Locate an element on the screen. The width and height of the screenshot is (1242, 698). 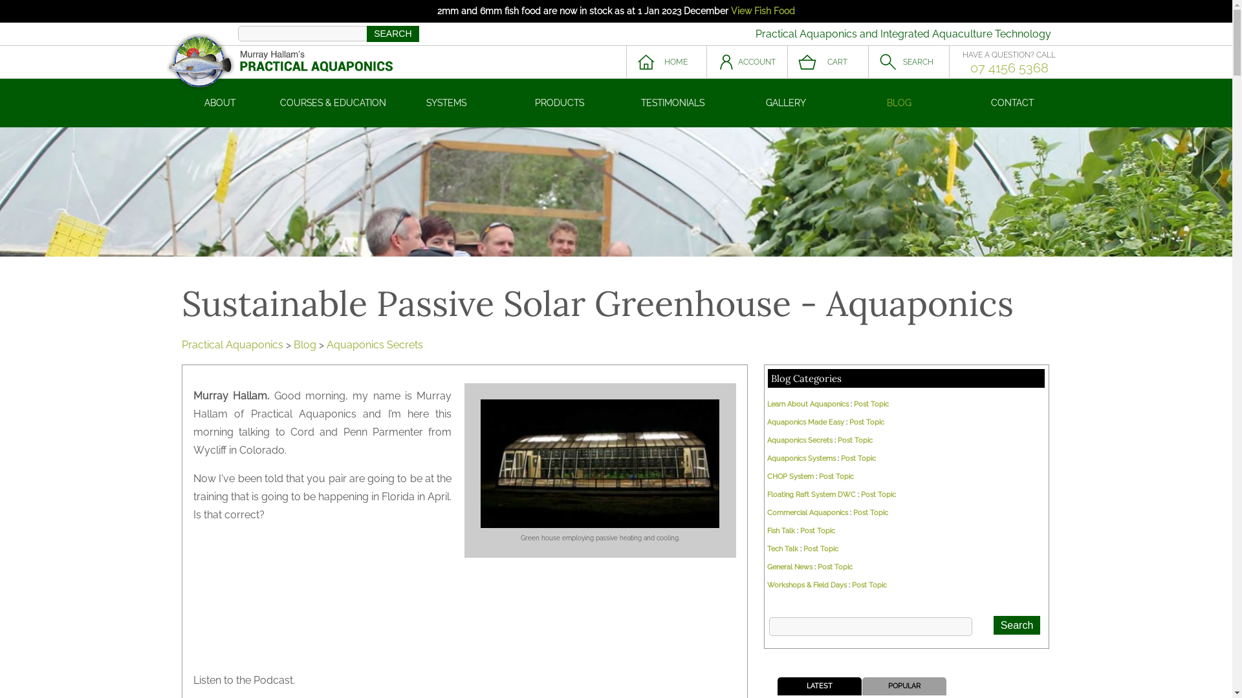
'Aquaponics Made Easy' is located at coordinates (805, 422).